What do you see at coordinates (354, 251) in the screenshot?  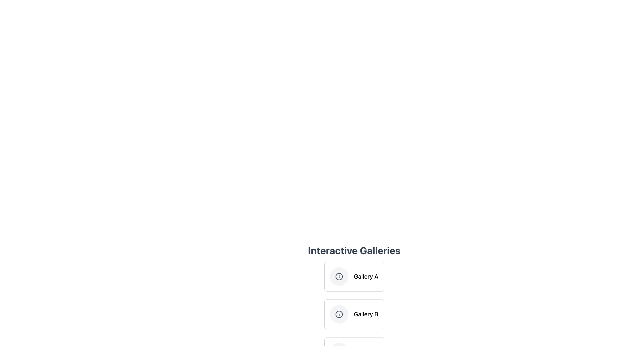 I see `the static text labeled 'Interactive Galleries' which serves as a header for the content below, including 'Gallery A' and 'Gallery B'` at bounding box center [354, 251].